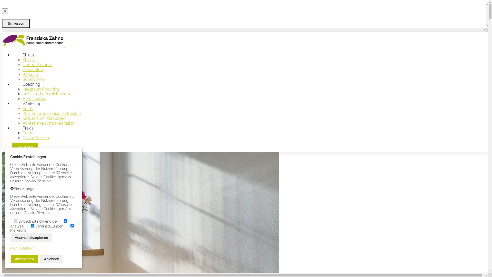  Describe the element at coordinates (48, 123) in the screenshot. I see `'Achtsamkeit und Meditation'` at that location.